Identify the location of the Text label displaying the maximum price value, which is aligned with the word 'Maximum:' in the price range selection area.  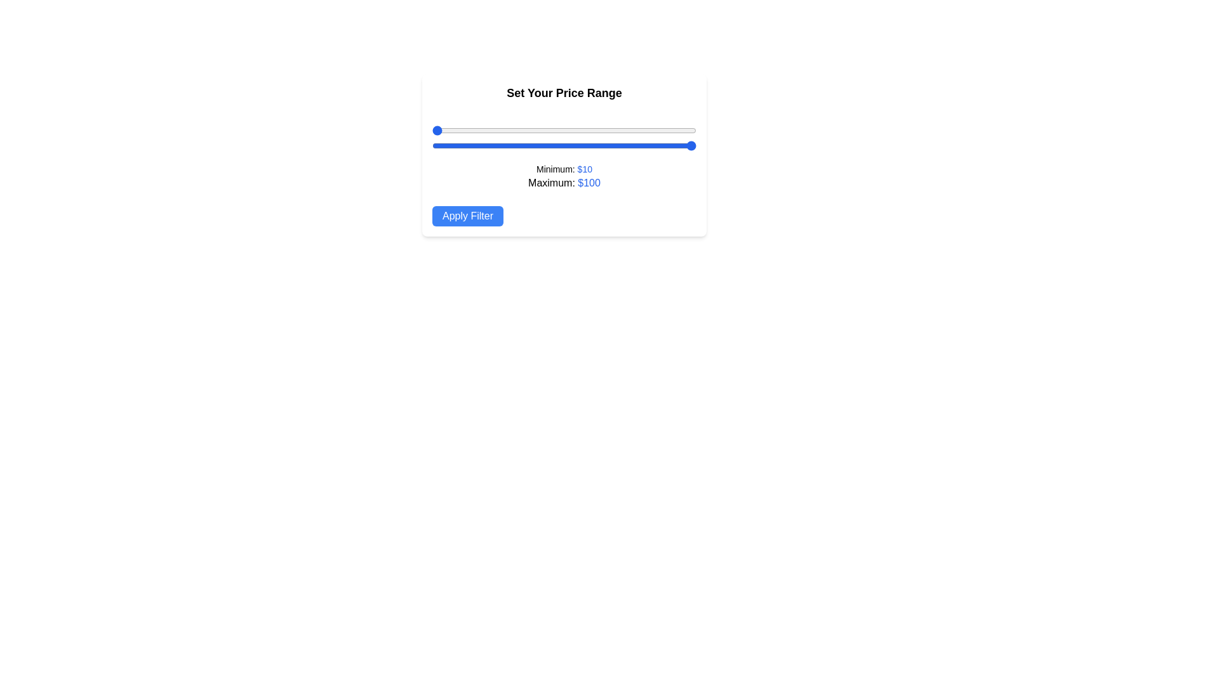
(589, 183).